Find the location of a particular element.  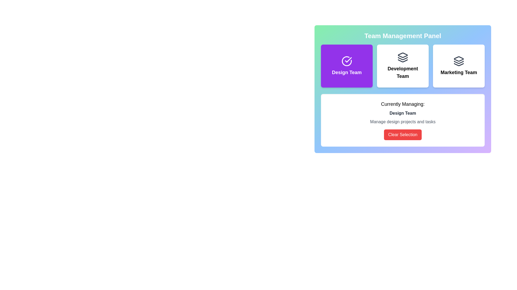

informational Text label that provides context about the 'Design Team' selection, located below the 'Design Team' text and above the 'Clear Selection' button is located at coordinates (403, 122).